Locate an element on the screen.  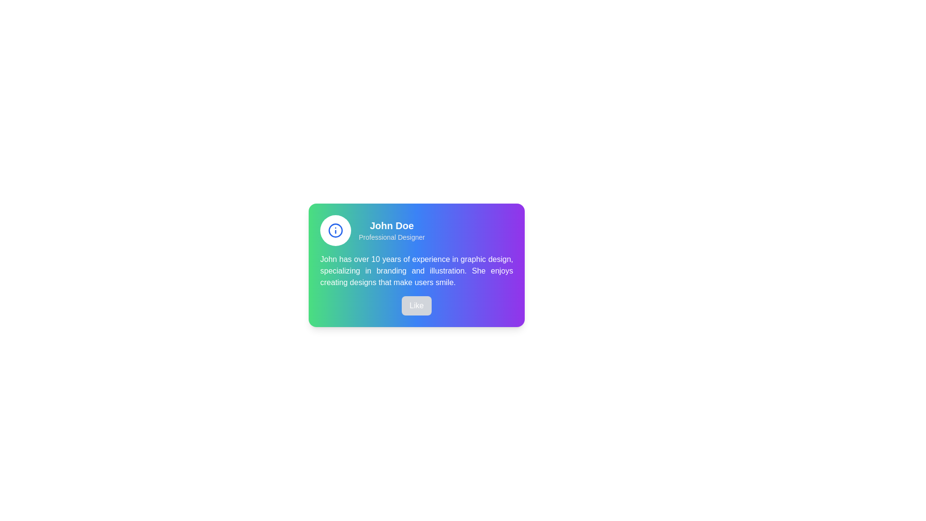
the embedded icon of the Header component that features 'John Doe' and 'Professional Designer' with a gradient background is located at coordinates (417, 231).